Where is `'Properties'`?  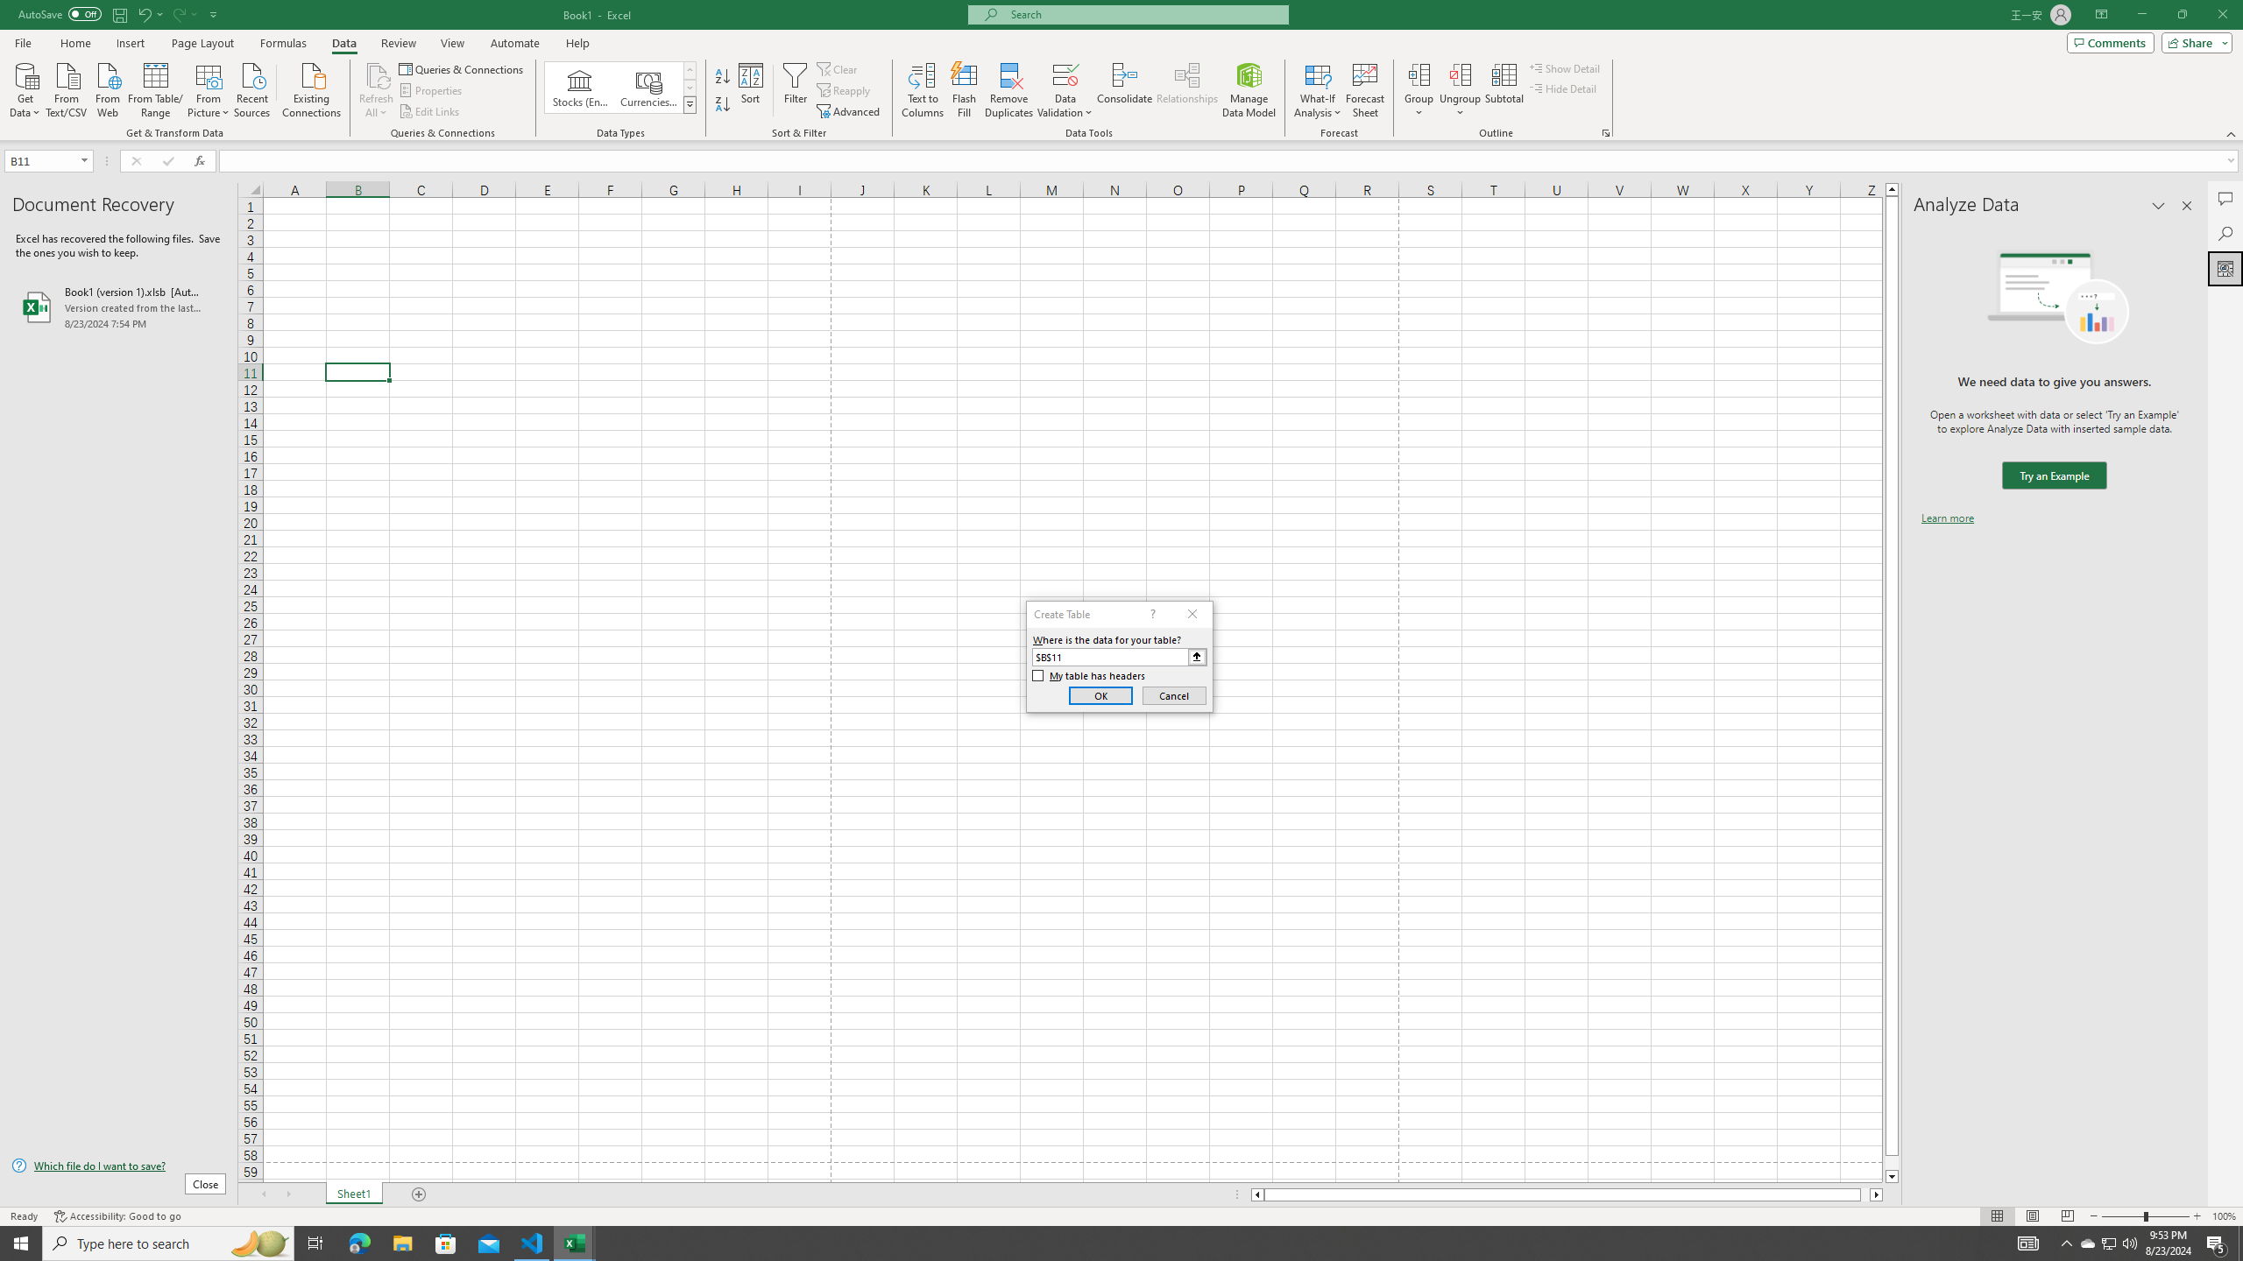
'Properties' is located at coordinates (432, 90).